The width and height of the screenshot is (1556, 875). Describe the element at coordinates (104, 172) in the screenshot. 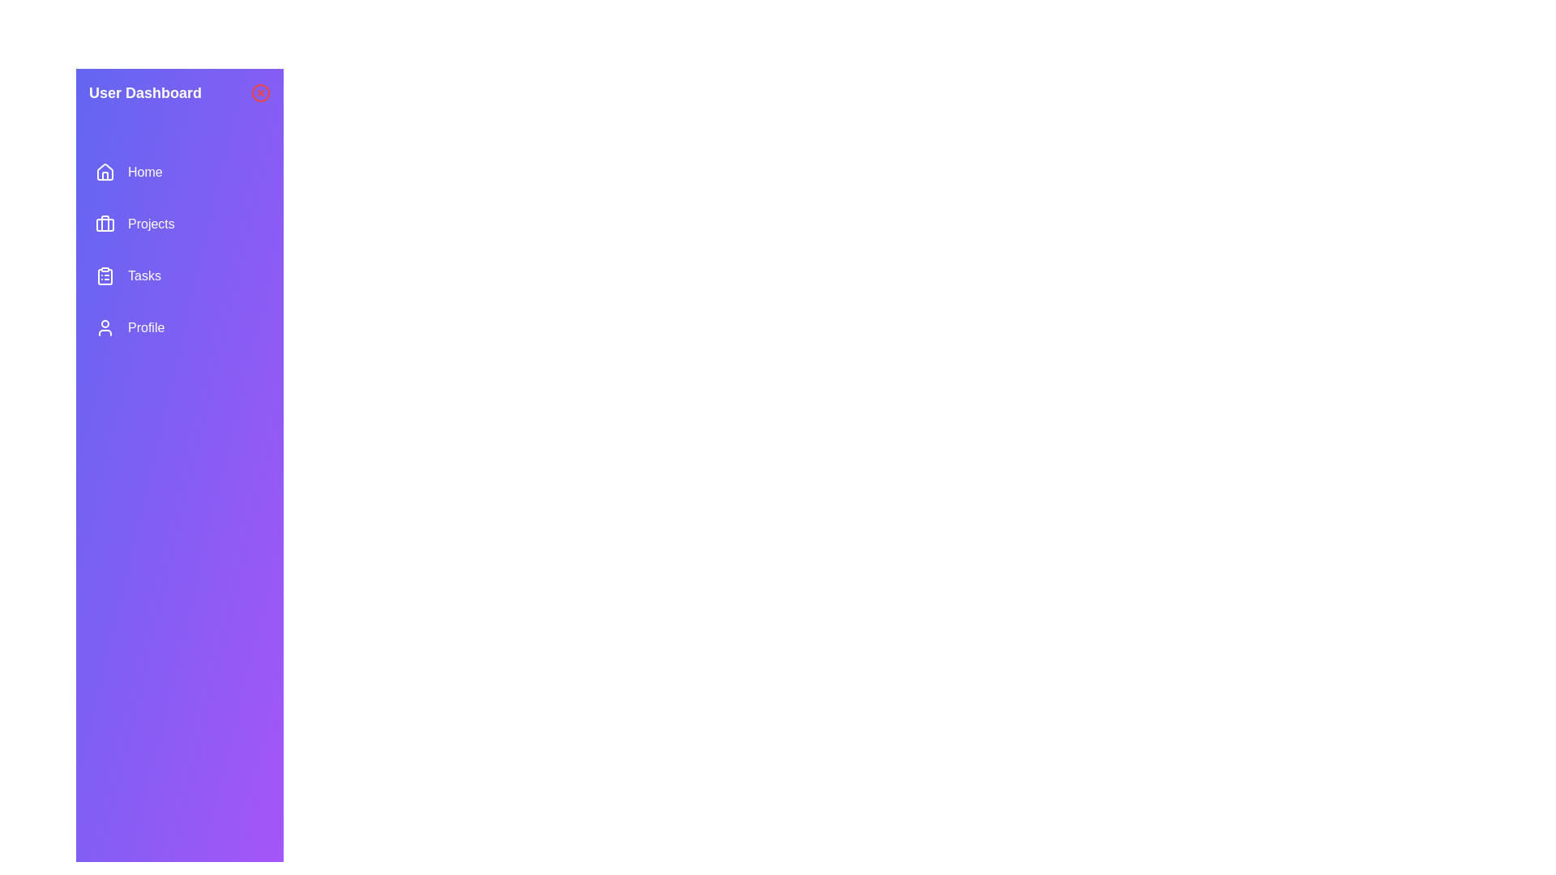

I see `the house-shaped icon located near the 'Home' label in the sidebar menu, which is the first element within the sidebar options` at that location.